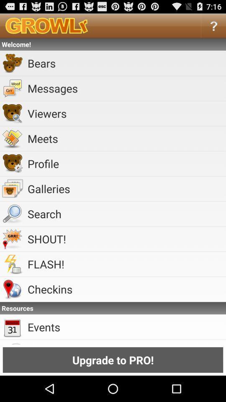 The height and width of the screenshot is (402, 226). Describe the element at coordinates (213, 26) in the screenshot. I see `click for help` at that location.